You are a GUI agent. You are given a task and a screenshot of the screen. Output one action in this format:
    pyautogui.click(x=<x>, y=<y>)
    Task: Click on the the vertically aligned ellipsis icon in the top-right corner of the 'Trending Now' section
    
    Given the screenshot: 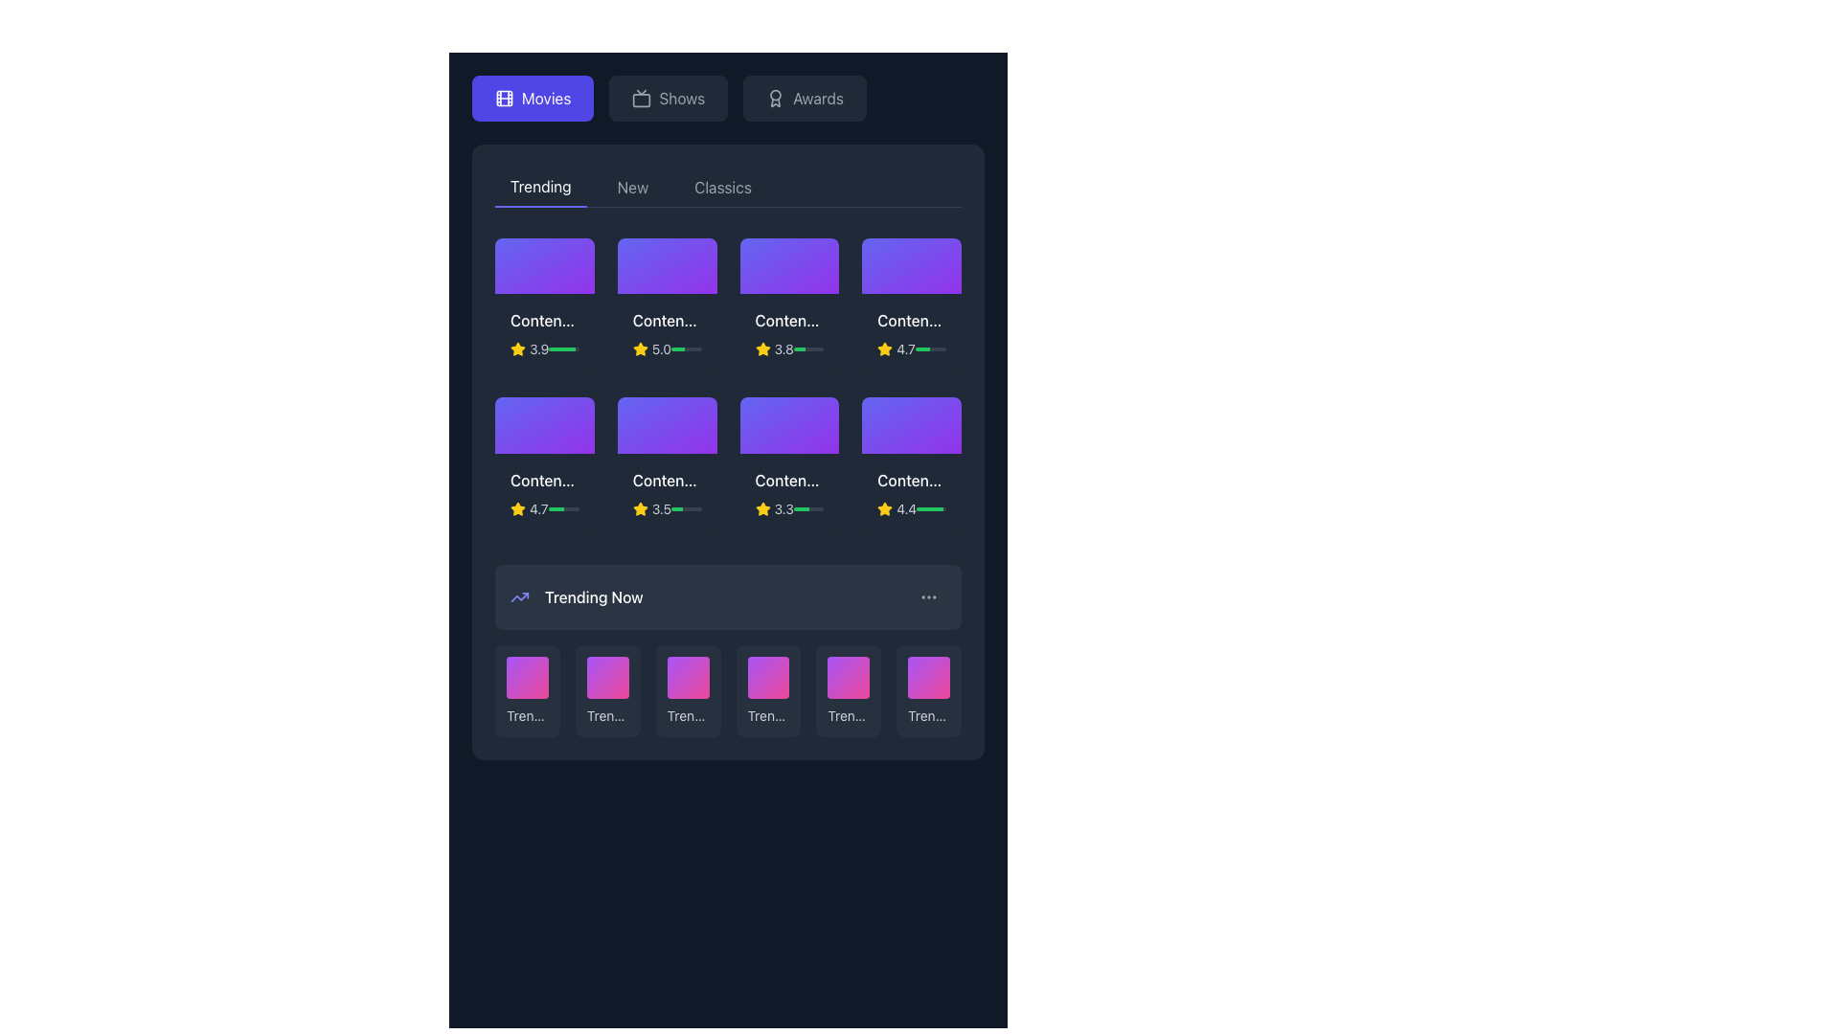 What is the action you would take?
    pyautogui.click(x=928, y=596)
    